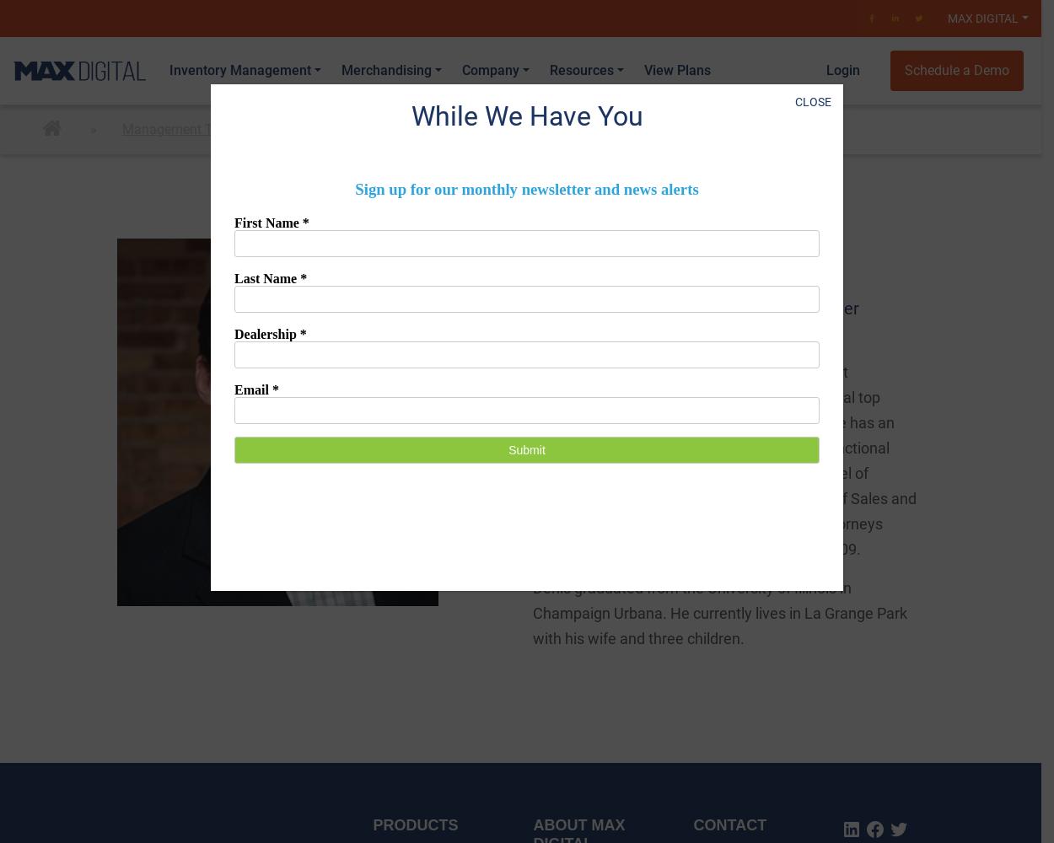  I want to click on 'Resources', so click(580, 69).